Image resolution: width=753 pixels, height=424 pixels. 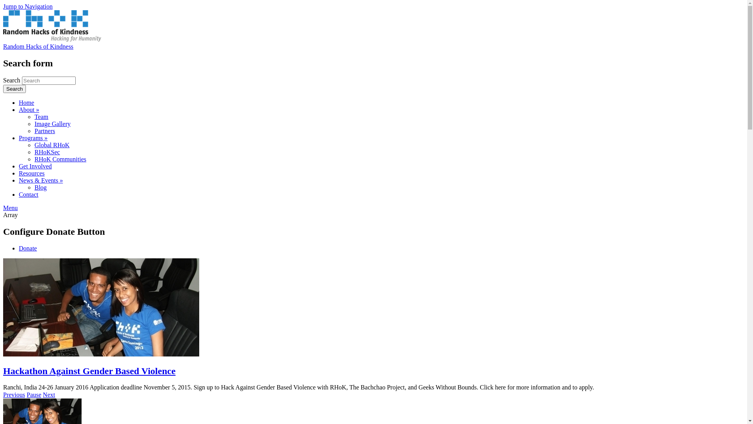 What do you see at coordinates (40, 187) in the screenshot?
I see `'Blog'` at bounding box center [40, 187].